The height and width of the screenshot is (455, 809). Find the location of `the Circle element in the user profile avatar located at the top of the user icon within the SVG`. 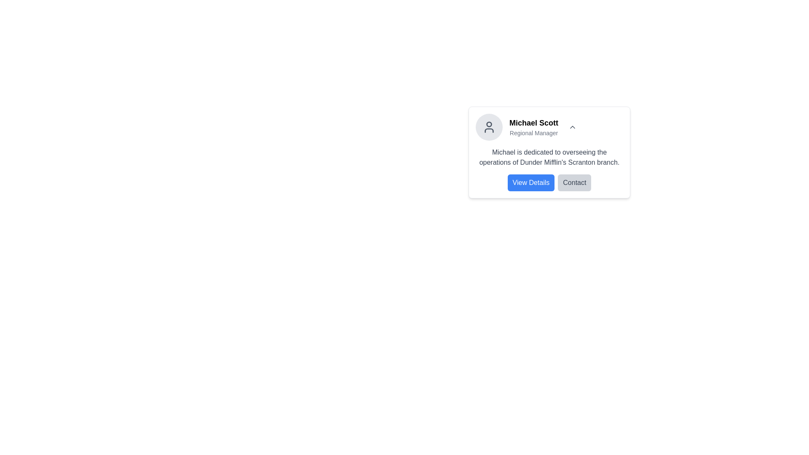

the Circle element in the user profile avatar located at the top of the user icon within the SVG is located at coordinates (489, 124).